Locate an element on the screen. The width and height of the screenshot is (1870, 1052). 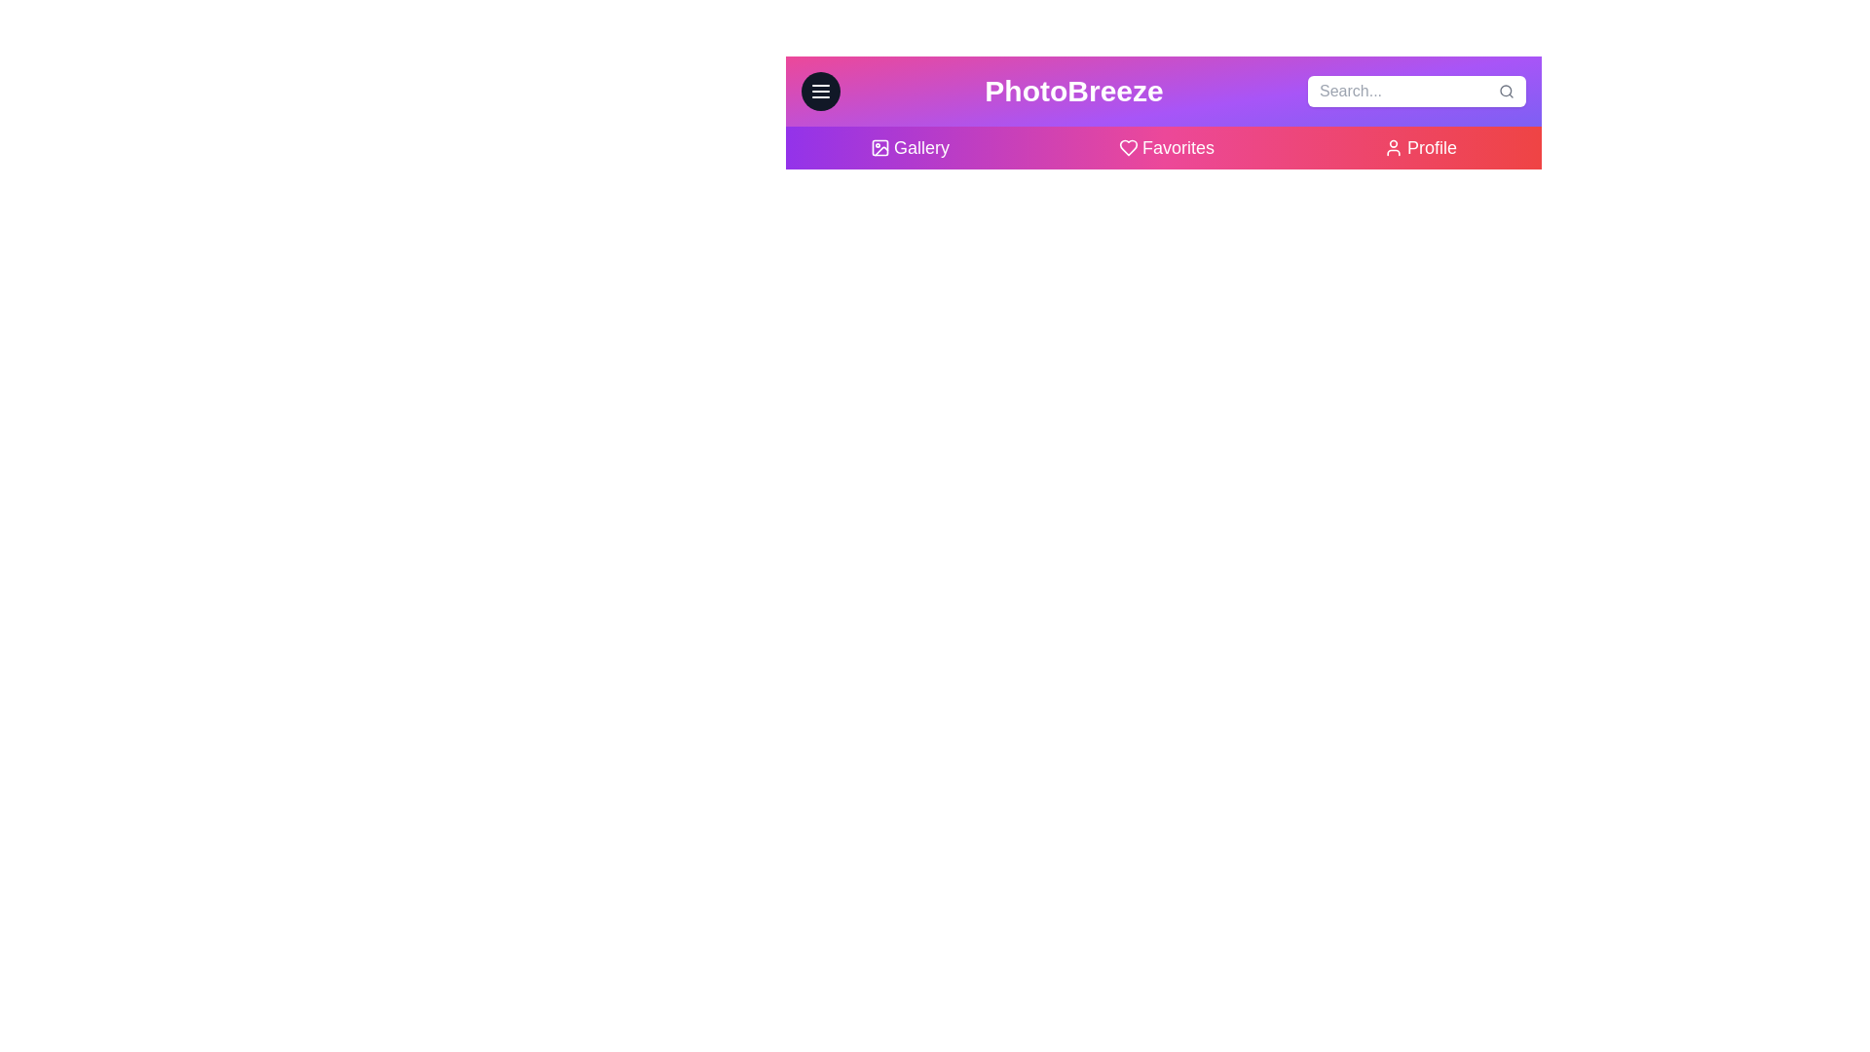
the menu button to toggle the menu visibility is located at coordinates (821, 91).